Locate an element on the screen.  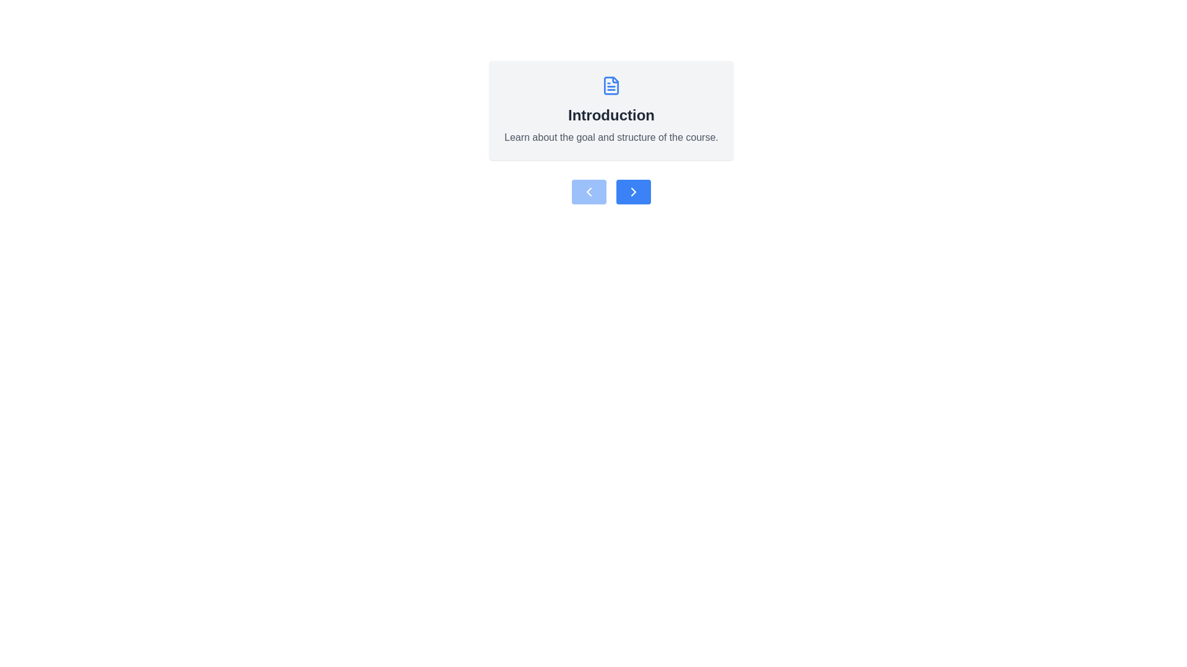
the right arrow icon in the rightmost button of the button group located below the title 'Introduction' is located at coordinates (634, 192).